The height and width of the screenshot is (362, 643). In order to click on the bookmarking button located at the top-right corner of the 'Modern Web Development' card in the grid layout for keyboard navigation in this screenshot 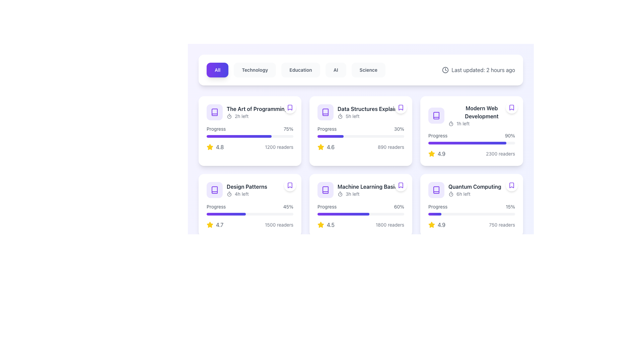, I will do `click(511, 107)`.